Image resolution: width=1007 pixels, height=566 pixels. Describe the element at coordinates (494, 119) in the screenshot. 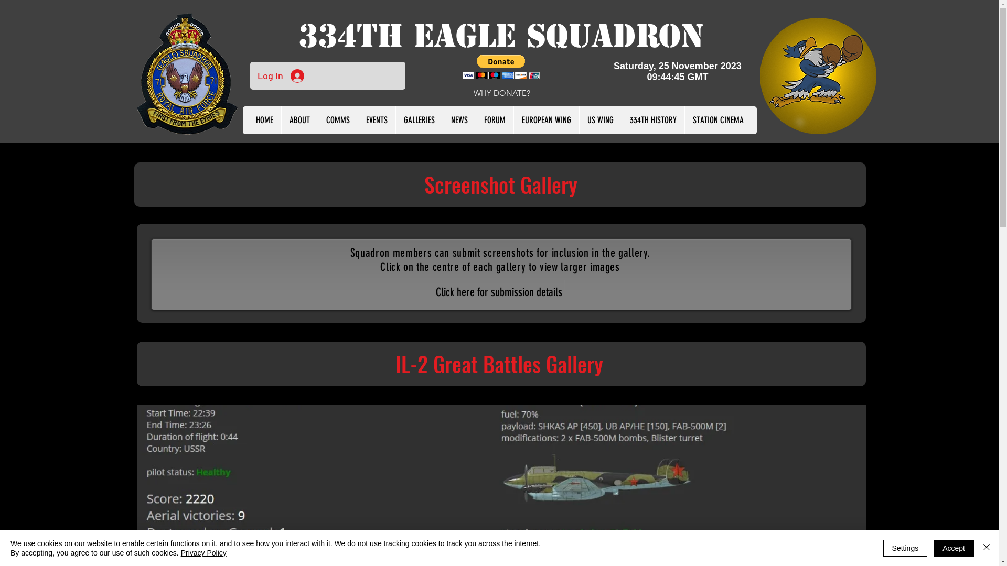

I see `'FORUM'` at that location.